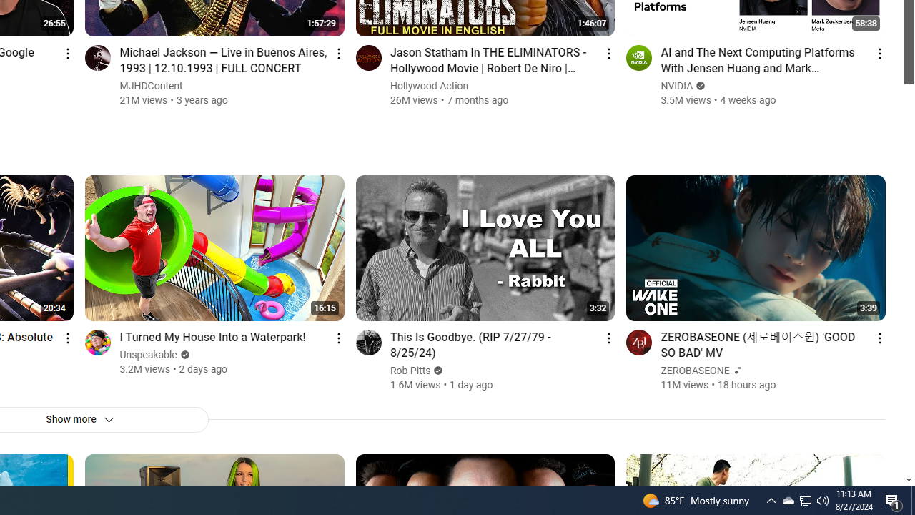 Image resolution: width=915 pixels, height=515 pixels. Describe the element at coordinates (638, 342) in the screenshot. I see `'Go to channel'` at that location.